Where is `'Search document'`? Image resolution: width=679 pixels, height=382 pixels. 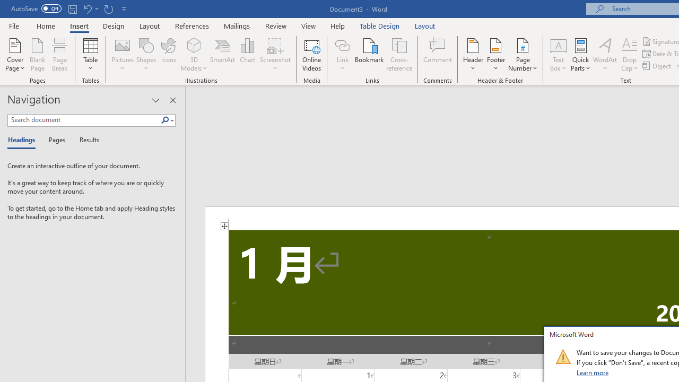 'Search document' is located at coordinates (83, 119).